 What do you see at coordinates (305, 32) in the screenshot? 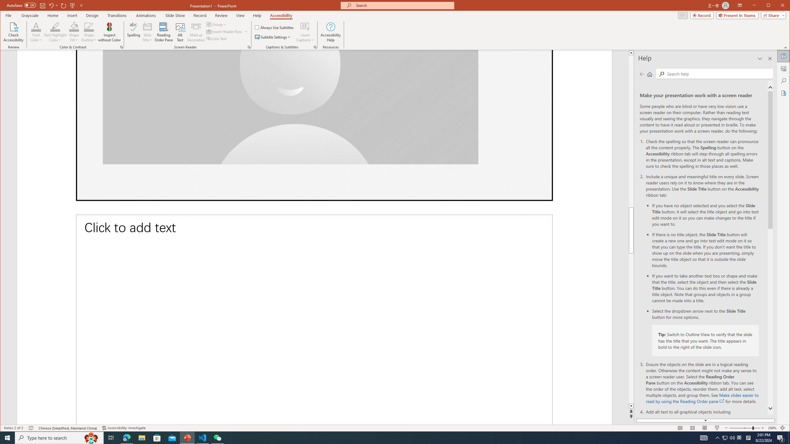
I see `'Insert Captions'` at bounding box center [305, 32].